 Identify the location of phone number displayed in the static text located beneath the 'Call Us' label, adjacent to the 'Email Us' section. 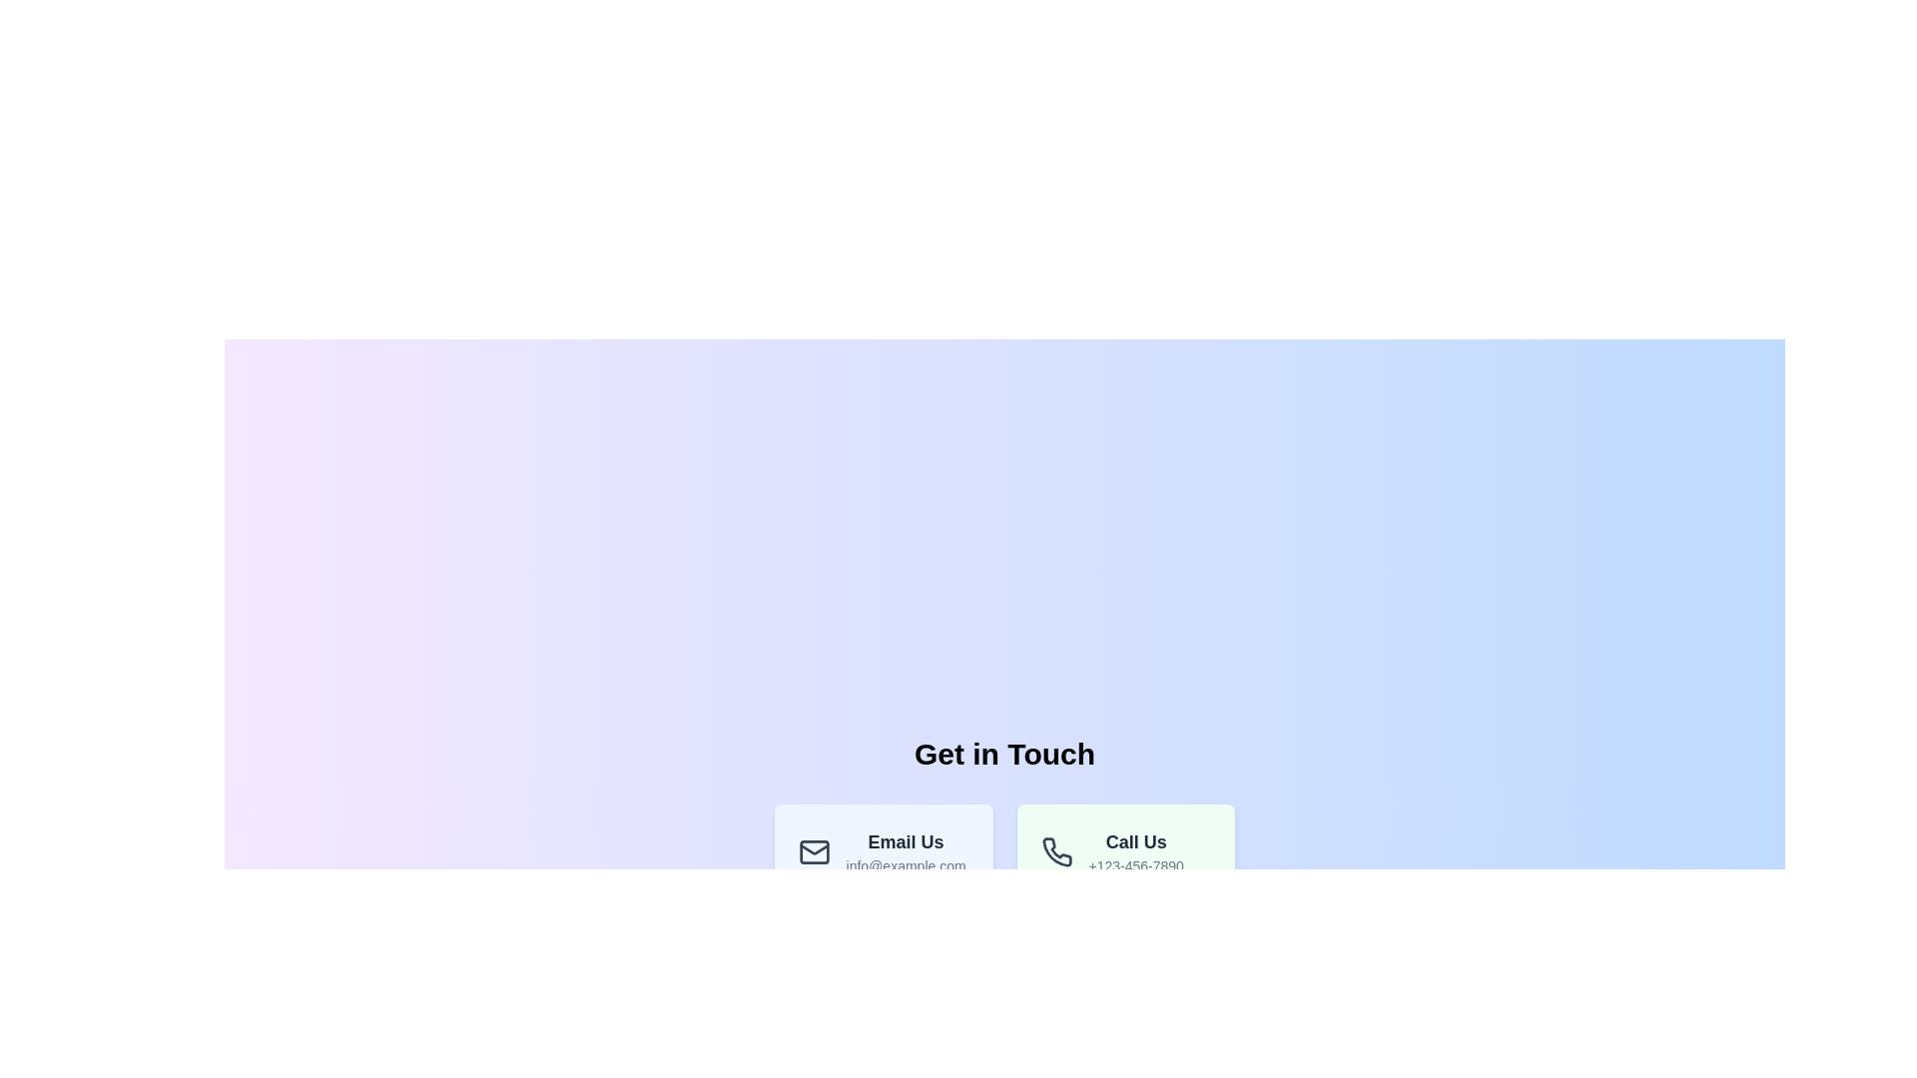
(1136, 864).